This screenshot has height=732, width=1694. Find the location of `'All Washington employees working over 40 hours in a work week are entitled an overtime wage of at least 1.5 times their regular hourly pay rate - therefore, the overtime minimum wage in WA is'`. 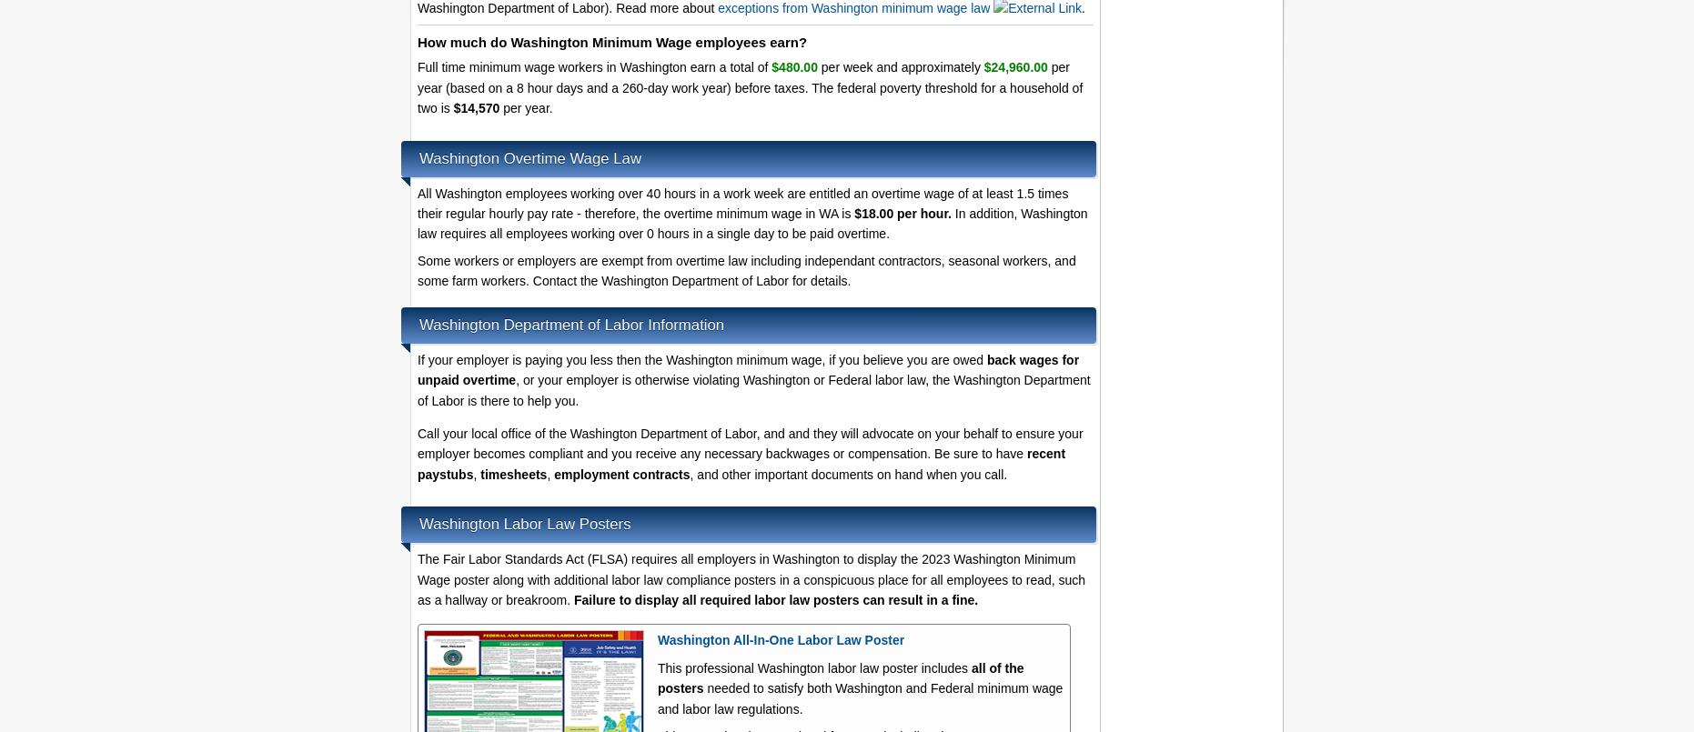

'All Washington employees working over 40 hours in a work week are entitled an overtime wage of at least 1.5 times their regular hourly pay rate - therefore, the overtime minimum wage in WA is' is located at coordinates (741, 202).